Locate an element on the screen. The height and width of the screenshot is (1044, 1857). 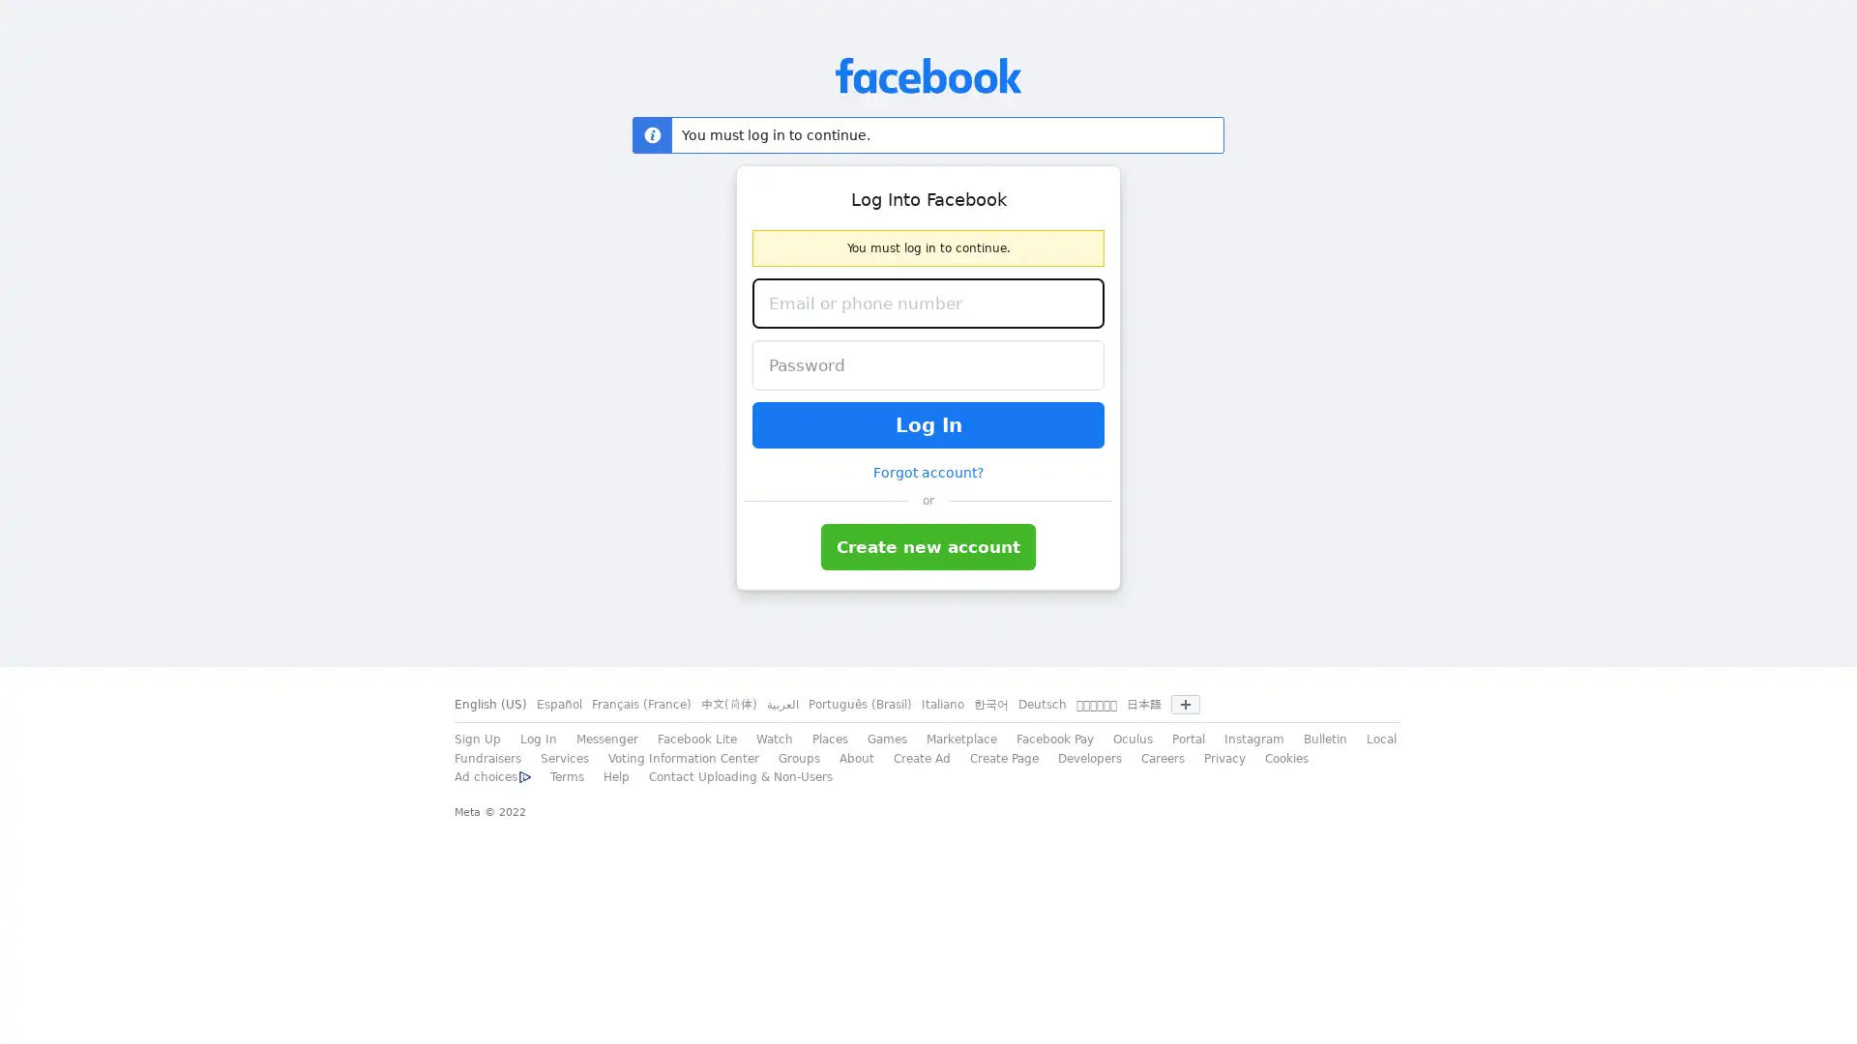
Log In is located at coordinates (928, 423).